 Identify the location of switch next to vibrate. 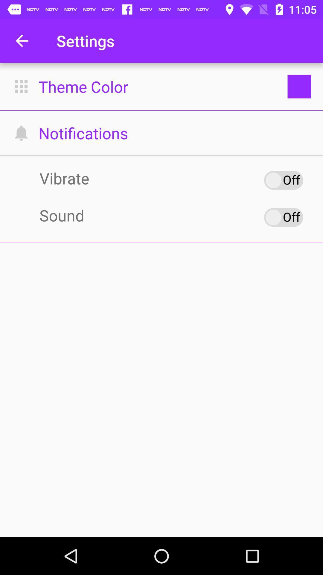
(283, 180).